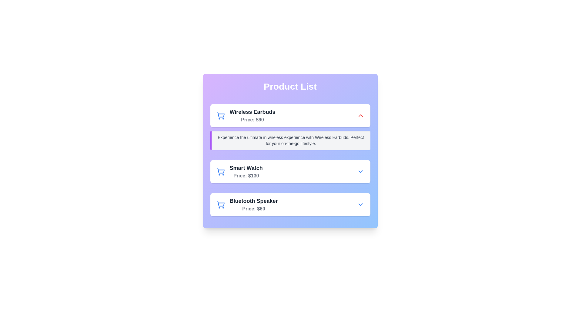  What do you see at coordinates (220, 172) in the screenshot?
I see `the shopping cart icon for the product Smart Watch` at bounding box center [220, 172].